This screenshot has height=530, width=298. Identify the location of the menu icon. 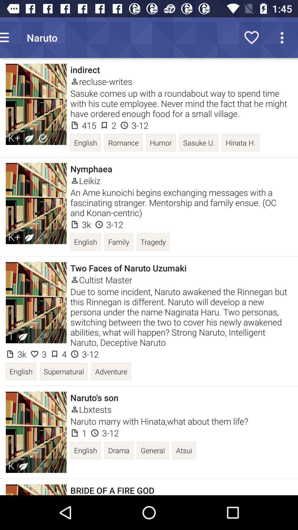
(11, 37).